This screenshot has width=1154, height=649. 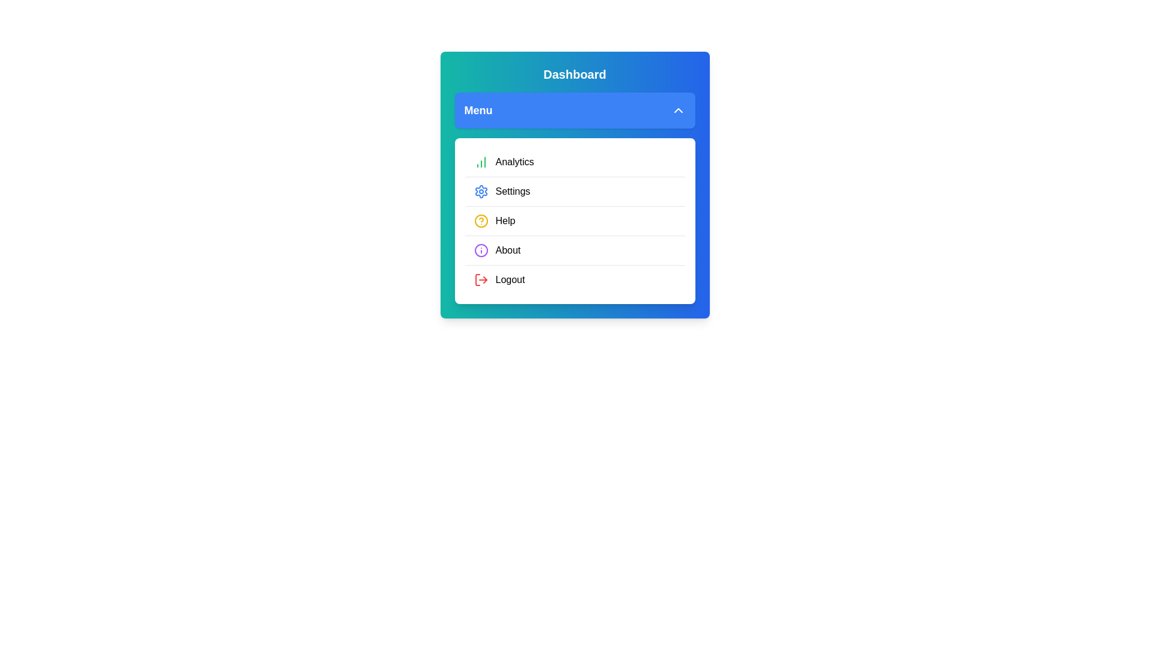 I want to click on the navigation menu component located near the top of the layout, specifically to access additional actions for the menu items, so click(x=574, y=185).